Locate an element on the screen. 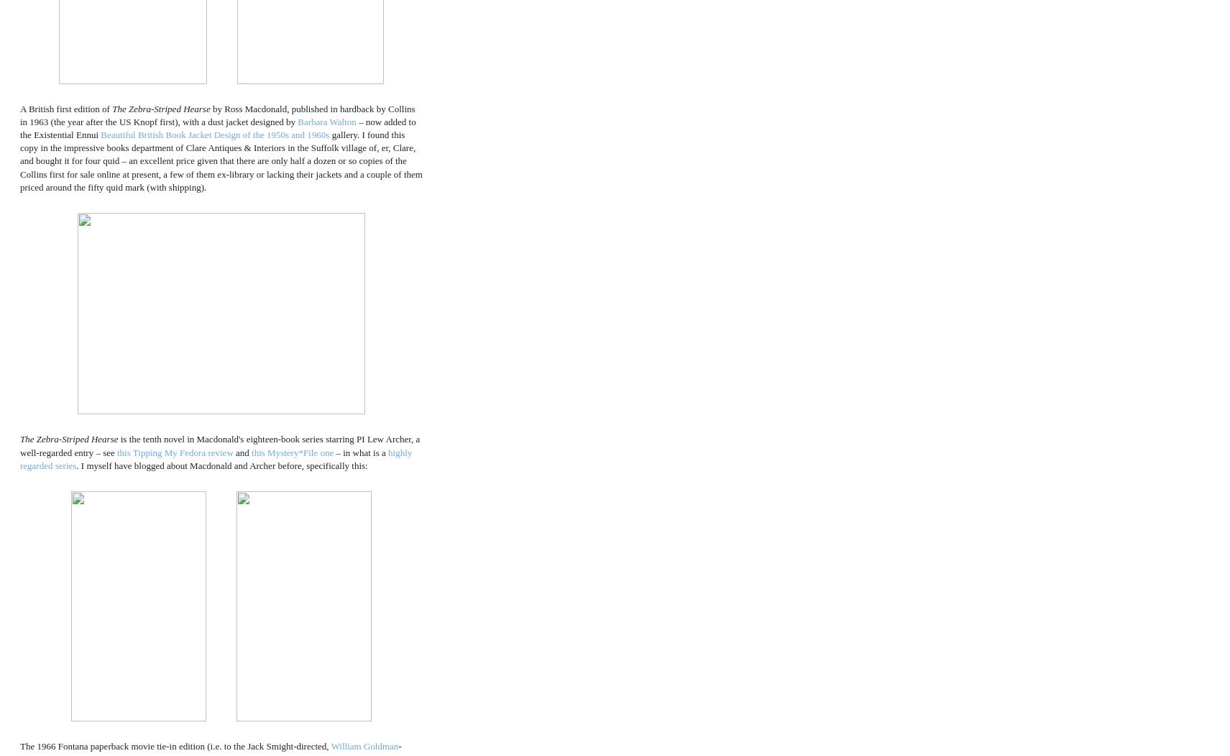 Image resolution: width=1230 pixels, height=756 pixels. 'highly regarded series' is located at coordinates (216, 457).